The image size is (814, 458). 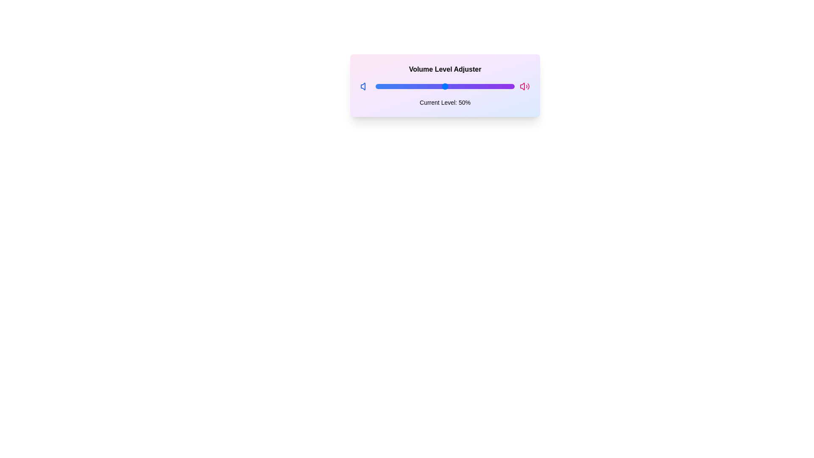 What do you see at coordinates (365, 87) in the screenshot?
I see `the left volume icon to decrease the volume` at bounding box center [365, 87].